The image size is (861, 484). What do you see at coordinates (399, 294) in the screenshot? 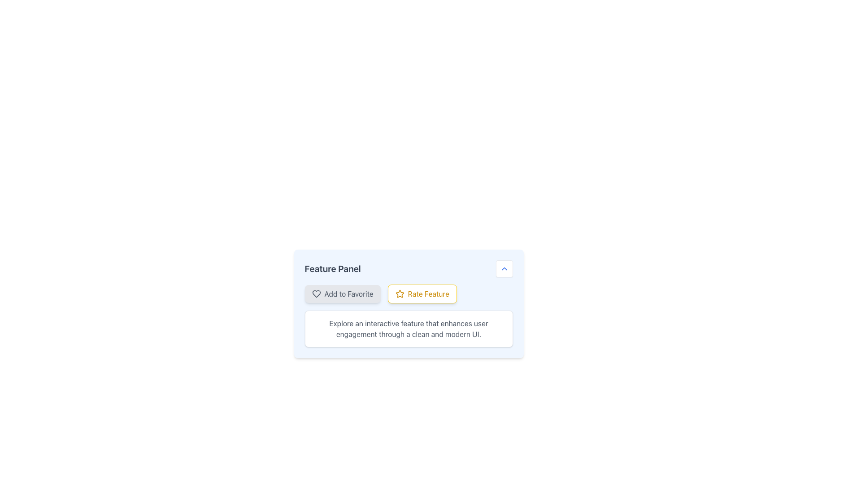
I see `the star icon within the 'Rate Feature' button to rate the feature` at bounding box center [399, 294].